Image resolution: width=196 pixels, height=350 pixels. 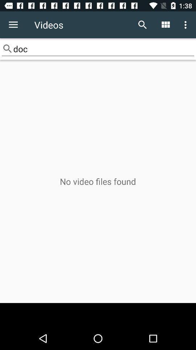 I want to click on the icon to the left of videos icon, so click(x=13, y=25).